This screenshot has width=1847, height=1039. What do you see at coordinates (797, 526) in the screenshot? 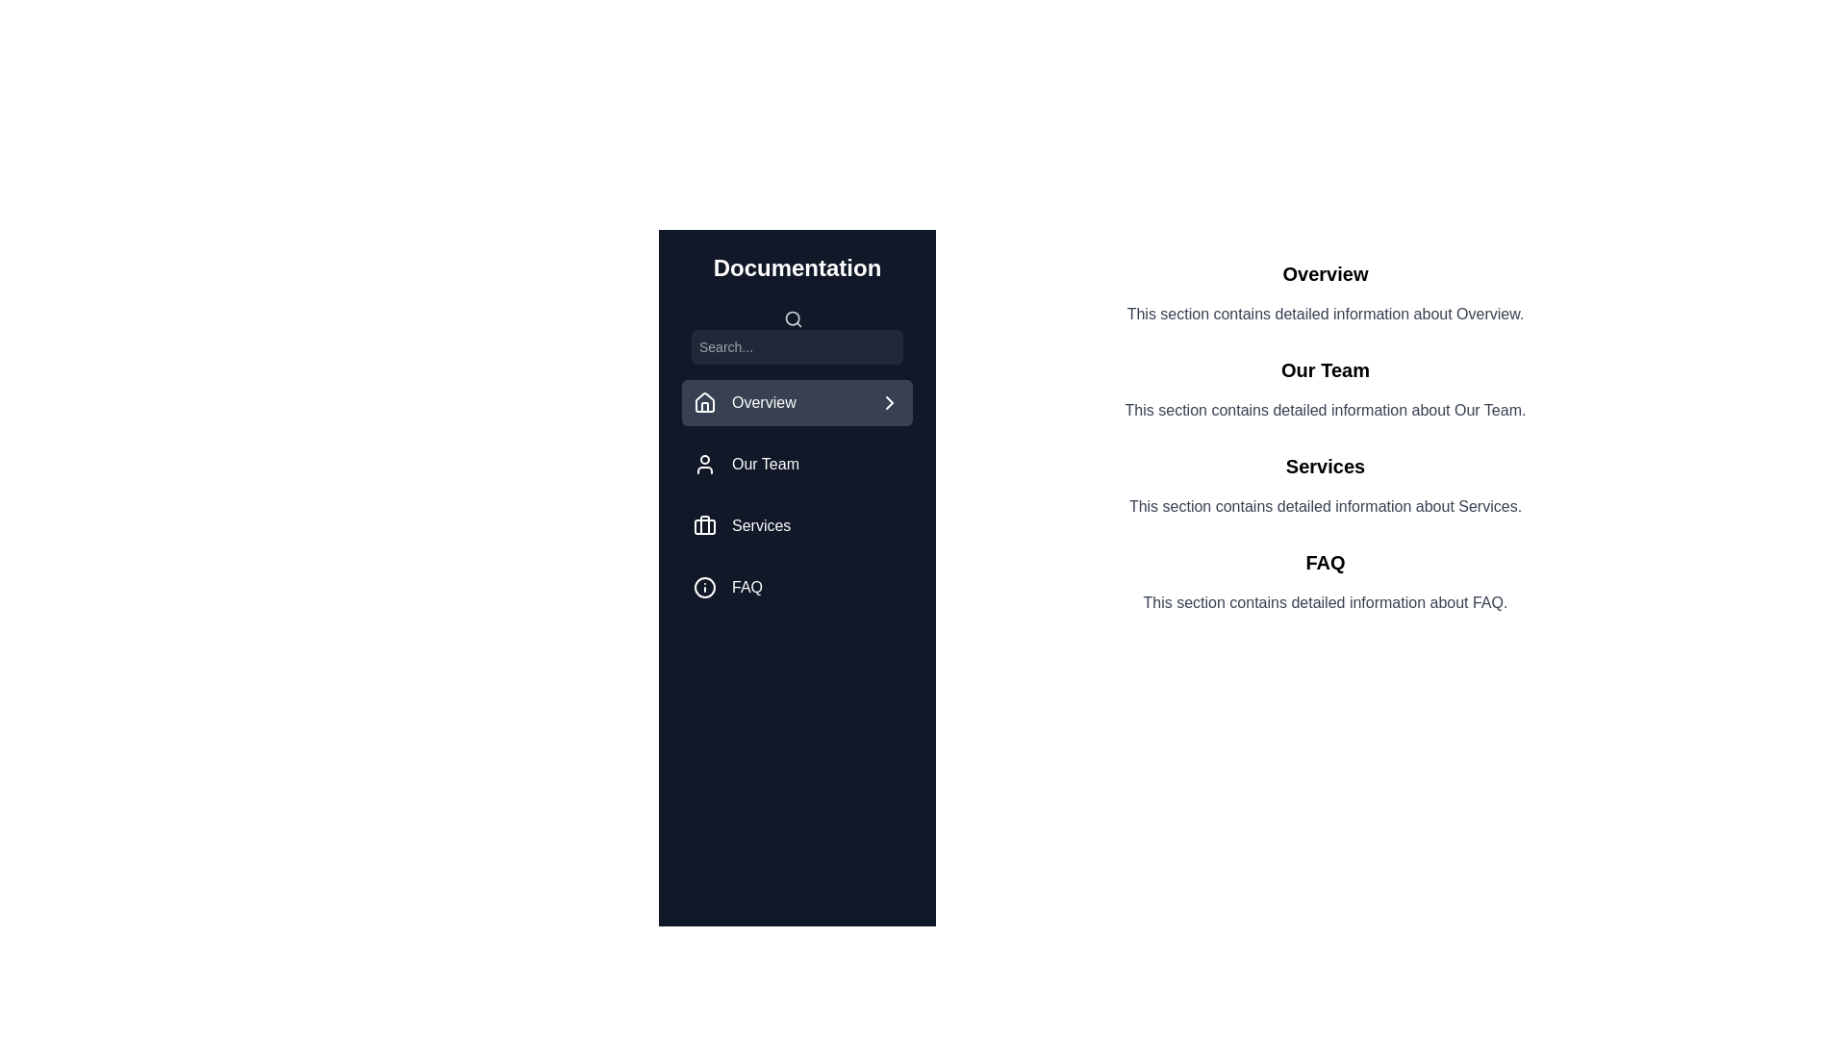
I see `the 'Services' button in the sidebar menu` at bounding box center [797, 526].